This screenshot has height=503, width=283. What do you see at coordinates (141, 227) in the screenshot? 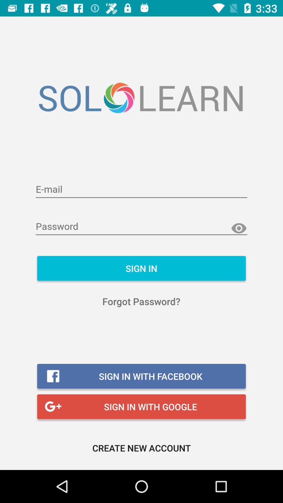
I see `creat password` at bounding box center [141, 227].